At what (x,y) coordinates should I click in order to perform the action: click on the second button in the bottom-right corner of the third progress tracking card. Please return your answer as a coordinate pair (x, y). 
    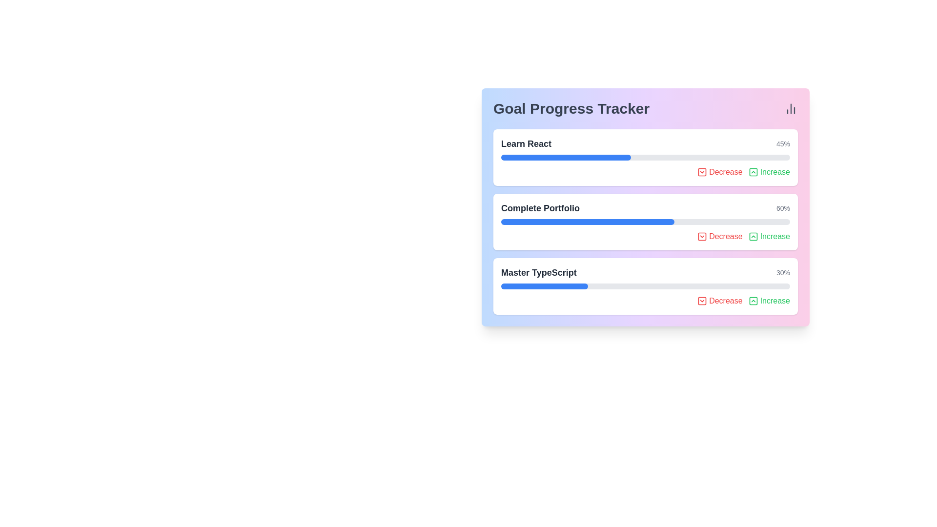
    Looking at the image, I should click on (769, 301).